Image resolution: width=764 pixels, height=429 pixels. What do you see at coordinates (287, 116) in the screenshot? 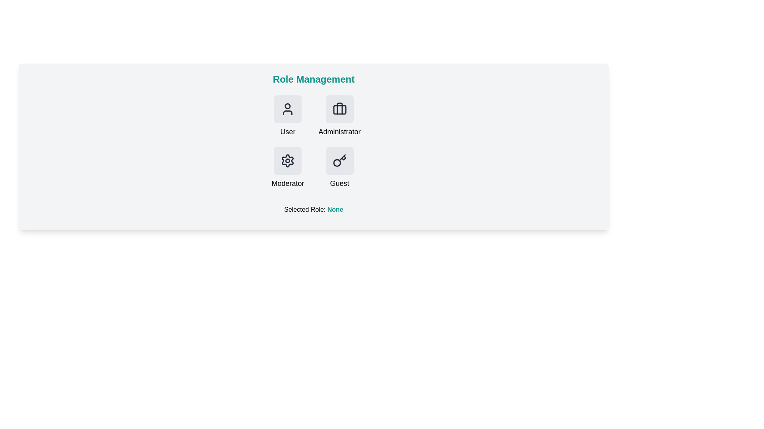
I see `the button in the 'Role Management' section` at bounding box center [287, 116].